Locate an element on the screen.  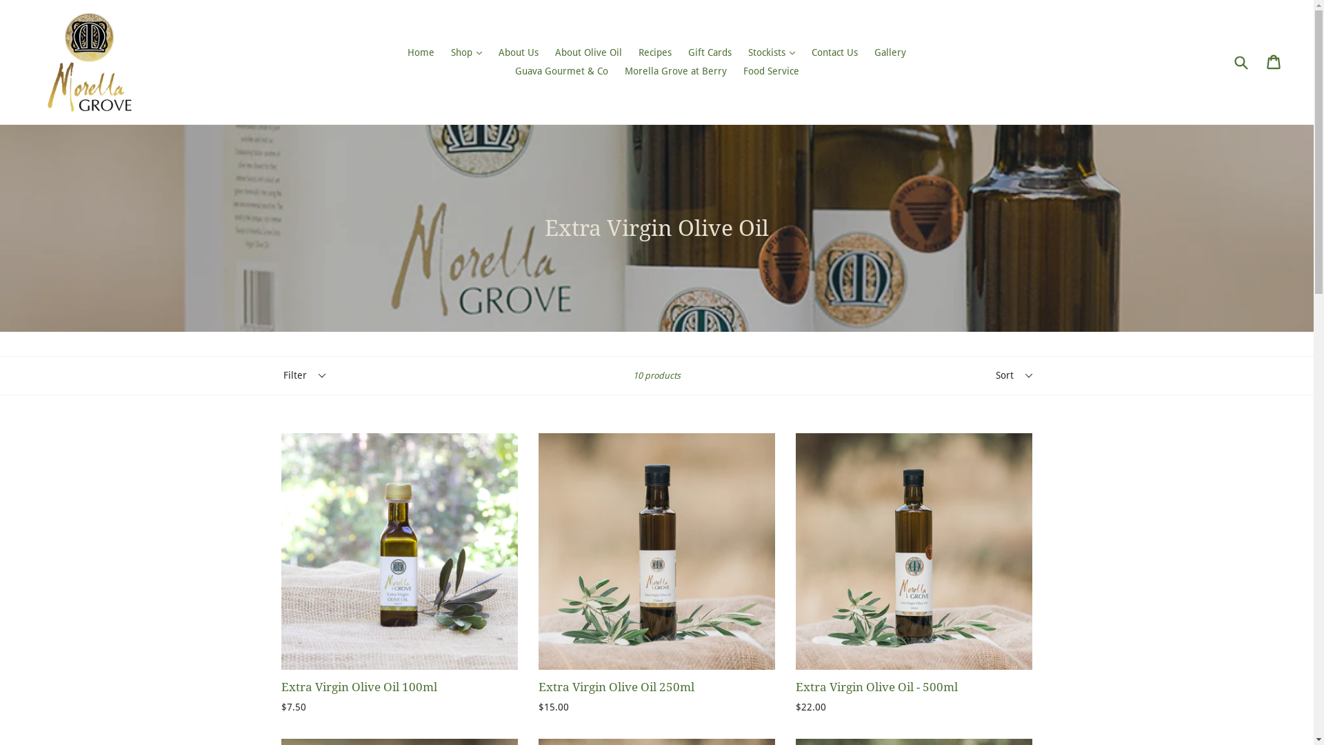
'Cart is located at coordinates (1274, 61).